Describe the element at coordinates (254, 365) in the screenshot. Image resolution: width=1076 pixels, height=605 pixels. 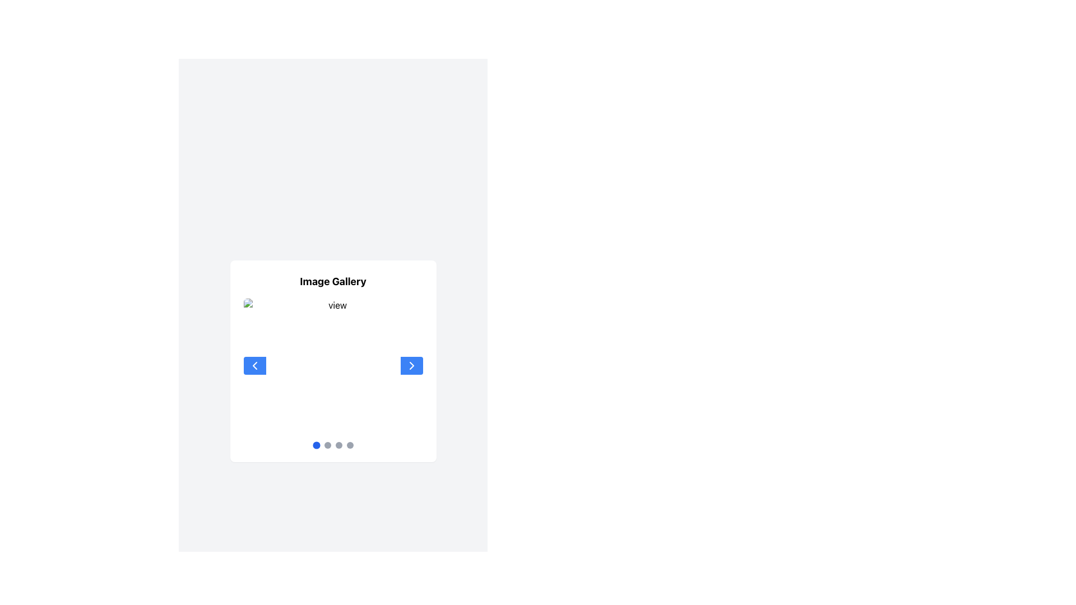
I see `the button that navigates to the previous image in the gallery` at that location.